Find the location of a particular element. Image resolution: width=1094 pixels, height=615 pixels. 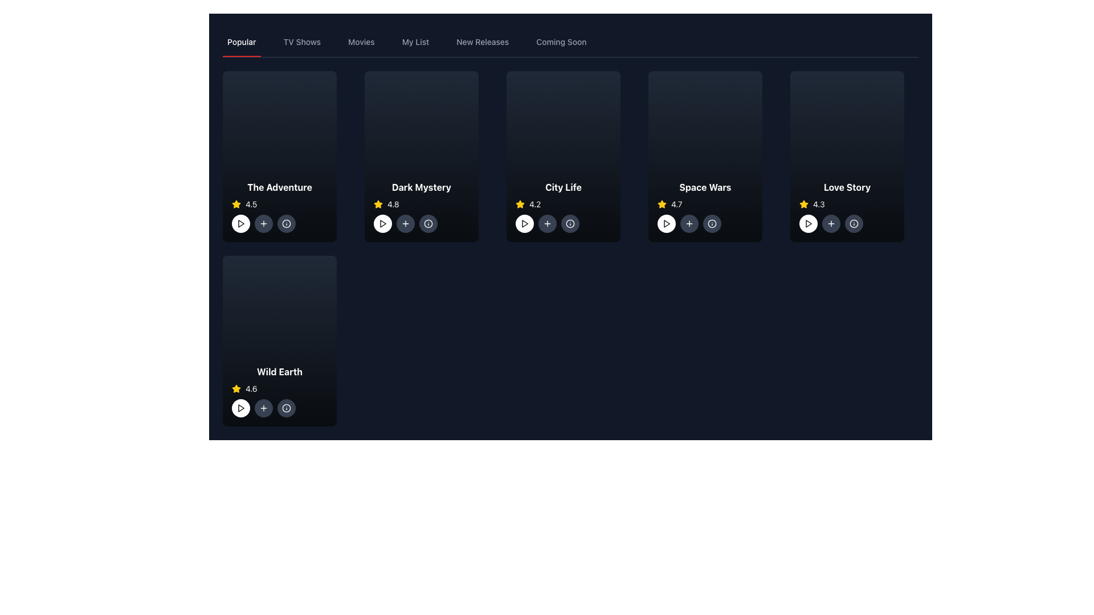

the white circular button with a triangle play icon located under the title 'The Adventure', which is styled with a small black border and positioned against a darker background is located at coordinates (240, 224).